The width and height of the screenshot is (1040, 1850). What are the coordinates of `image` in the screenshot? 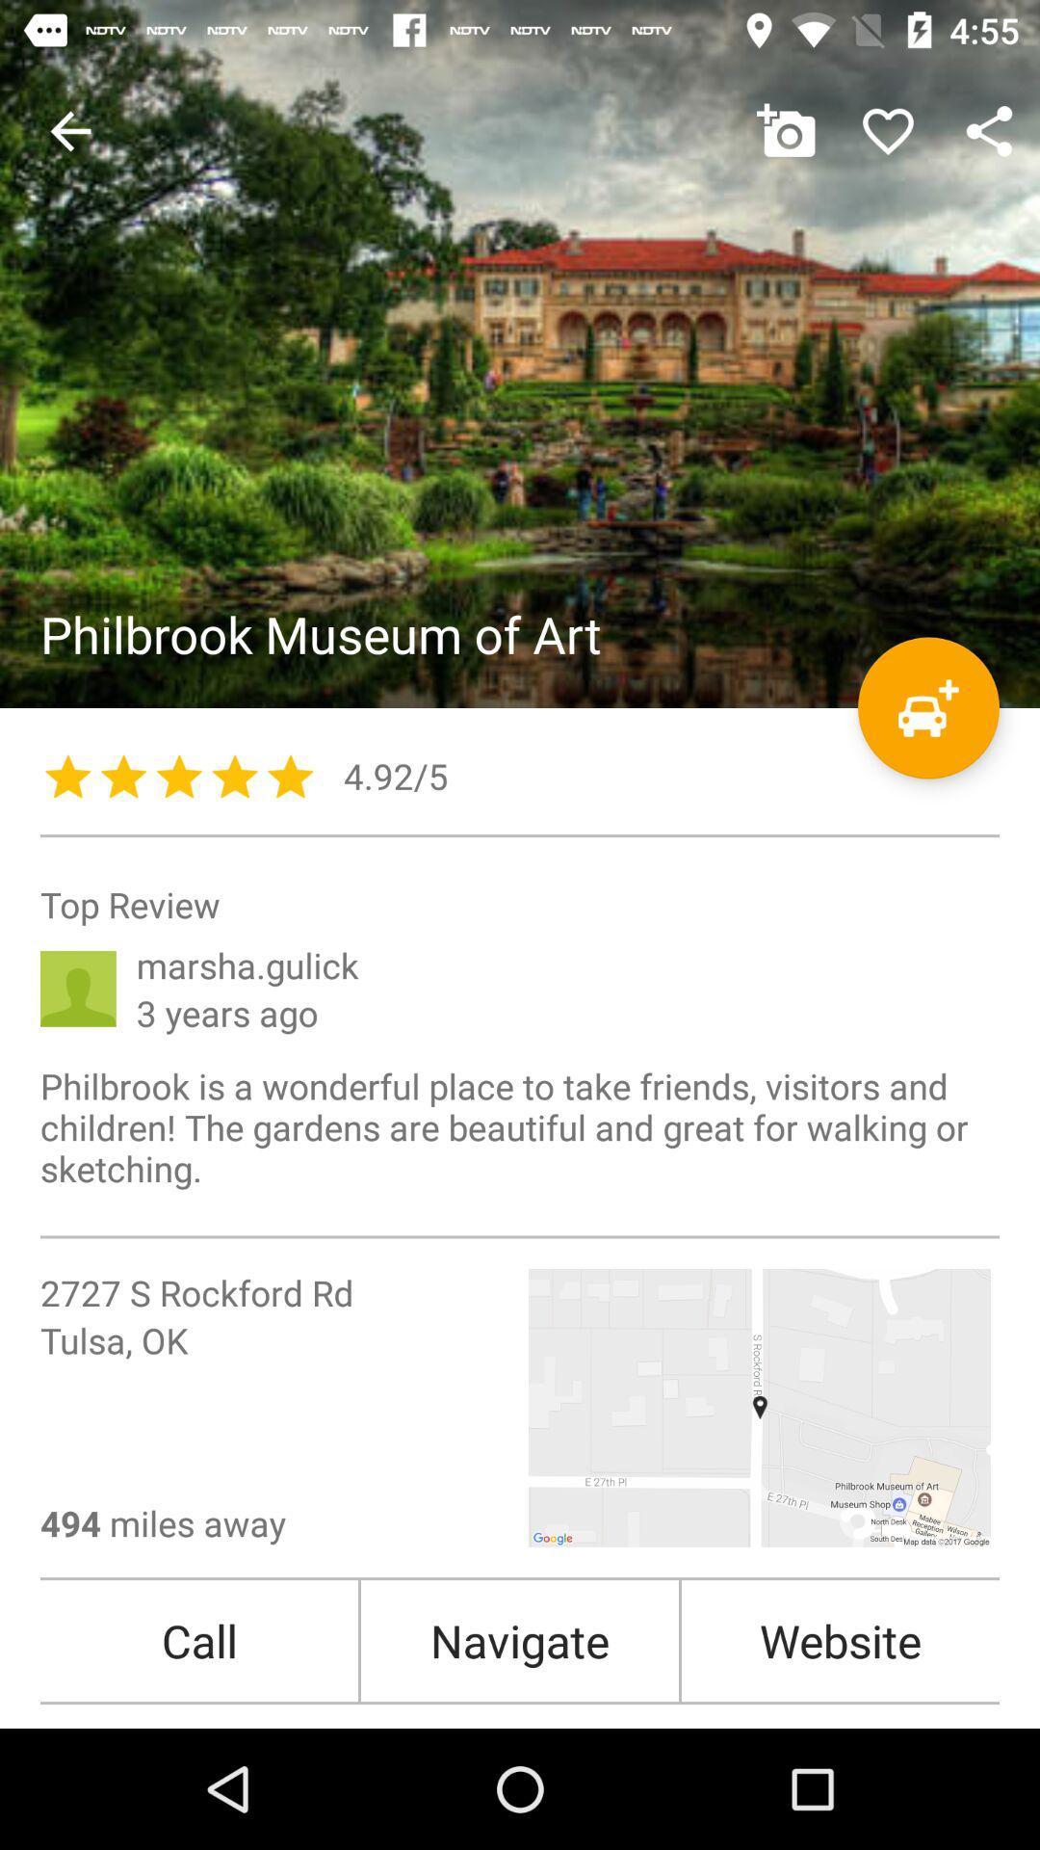 It's located at (520, 354).